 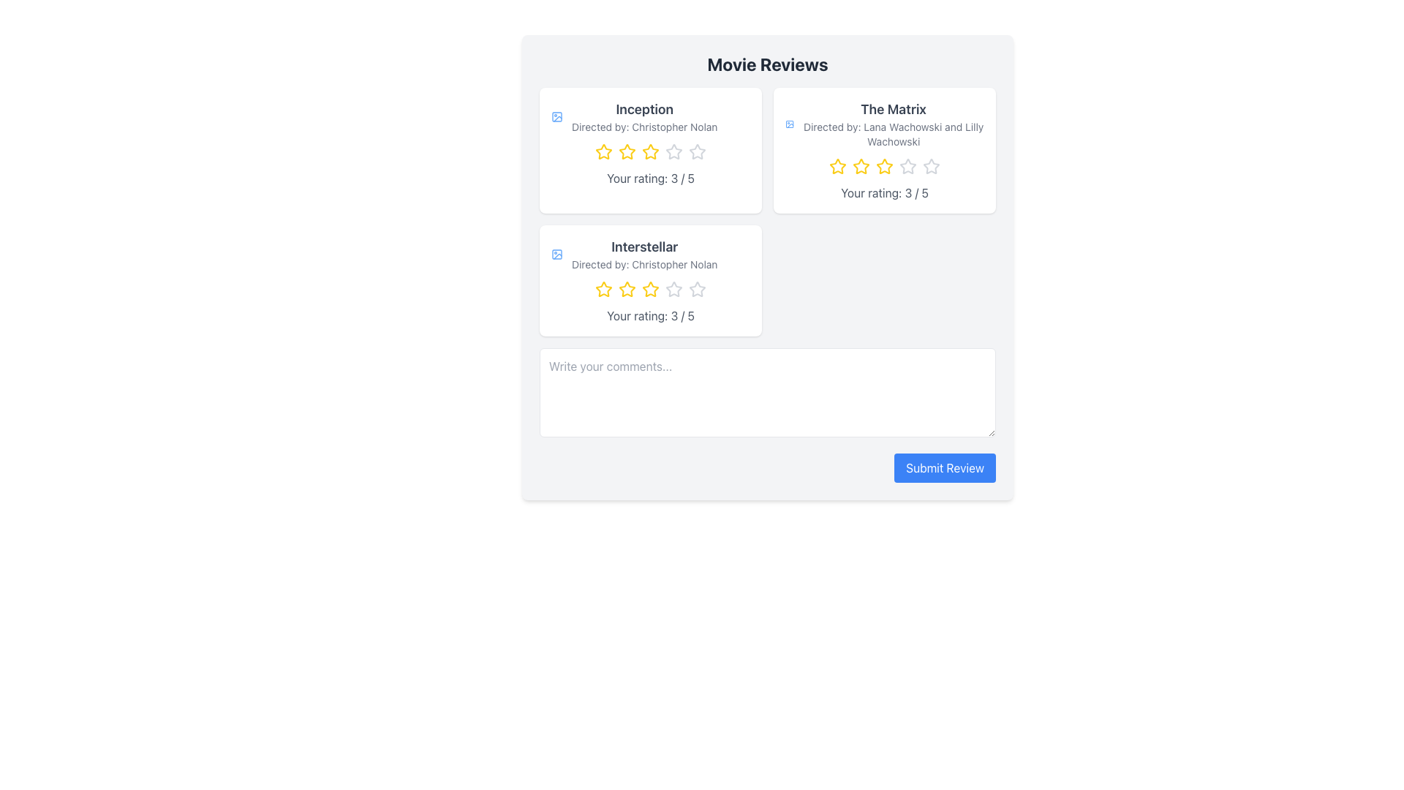 What do you see at coordinates (627, 290) in the screenshot?
I see `the third star icon with a yellow fill in the rating component of the 'Interstellar' review card to rate it` at bounding box center [627, 290].